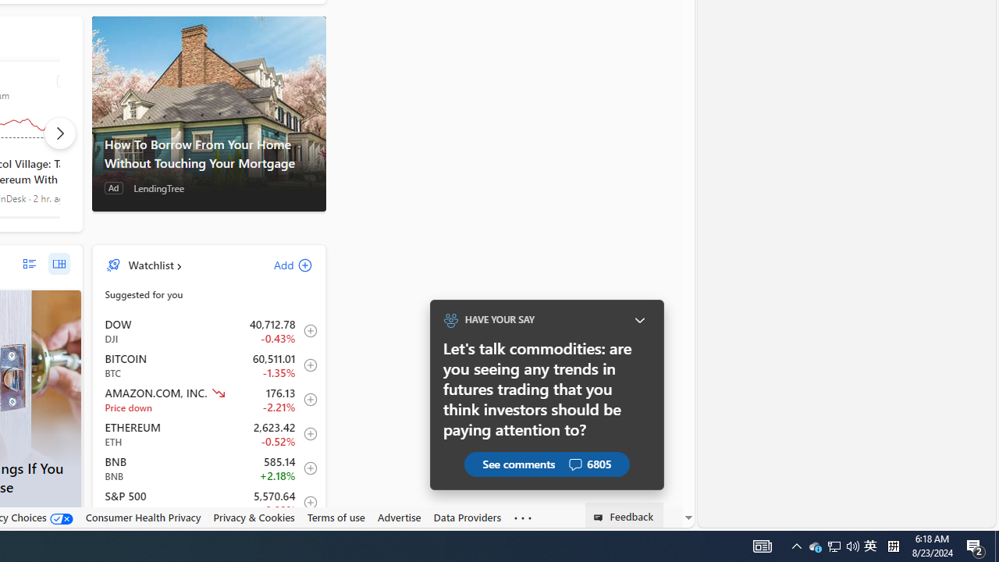  Describe the element at coordinates (600, 518) in the screenshot. I see `'Class: feedback_link_icon-DS-EntryPoint1-1'` at that location.